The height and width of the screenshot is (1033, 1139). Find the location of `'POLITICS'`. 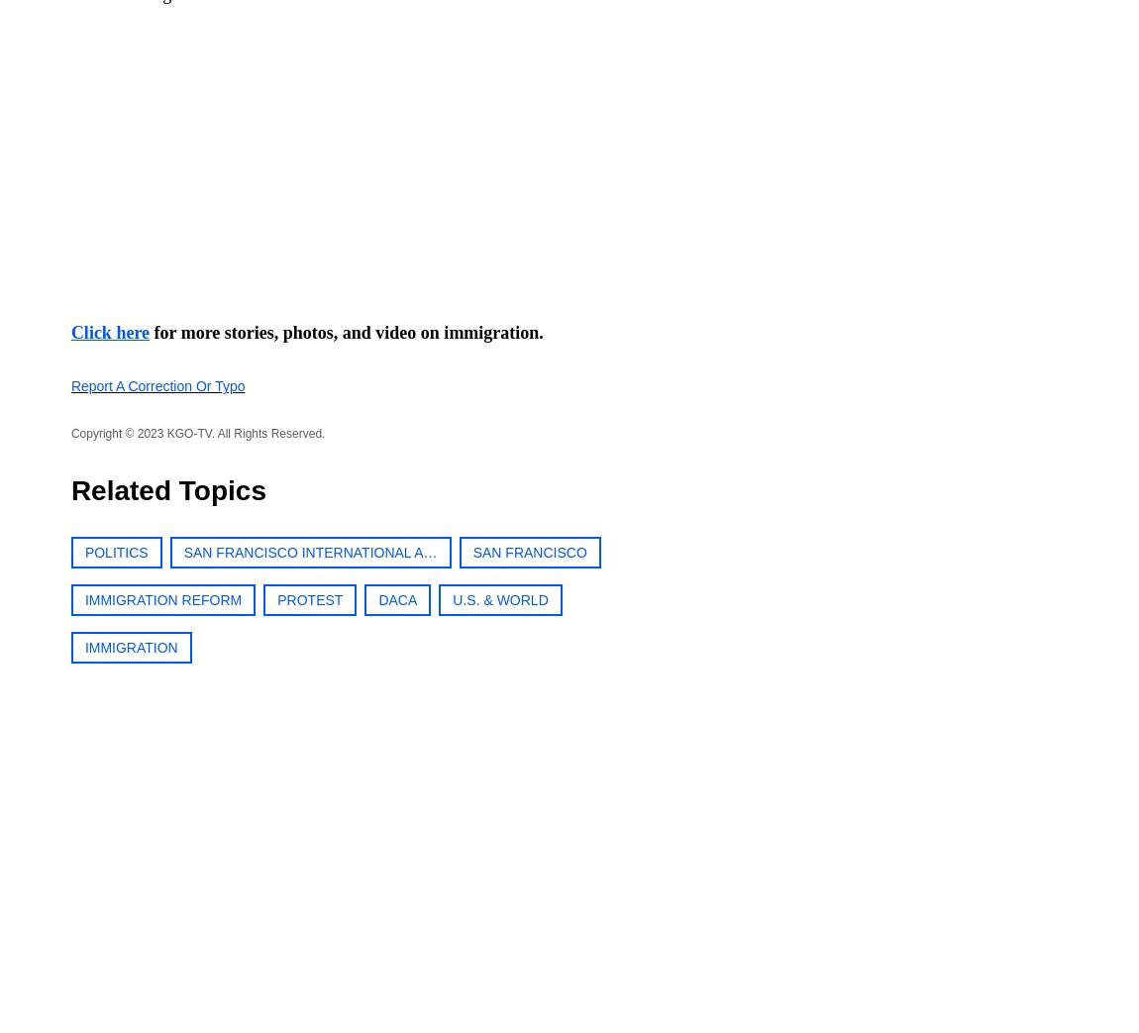

'POLITICS' is located at coordinates (114, 553).